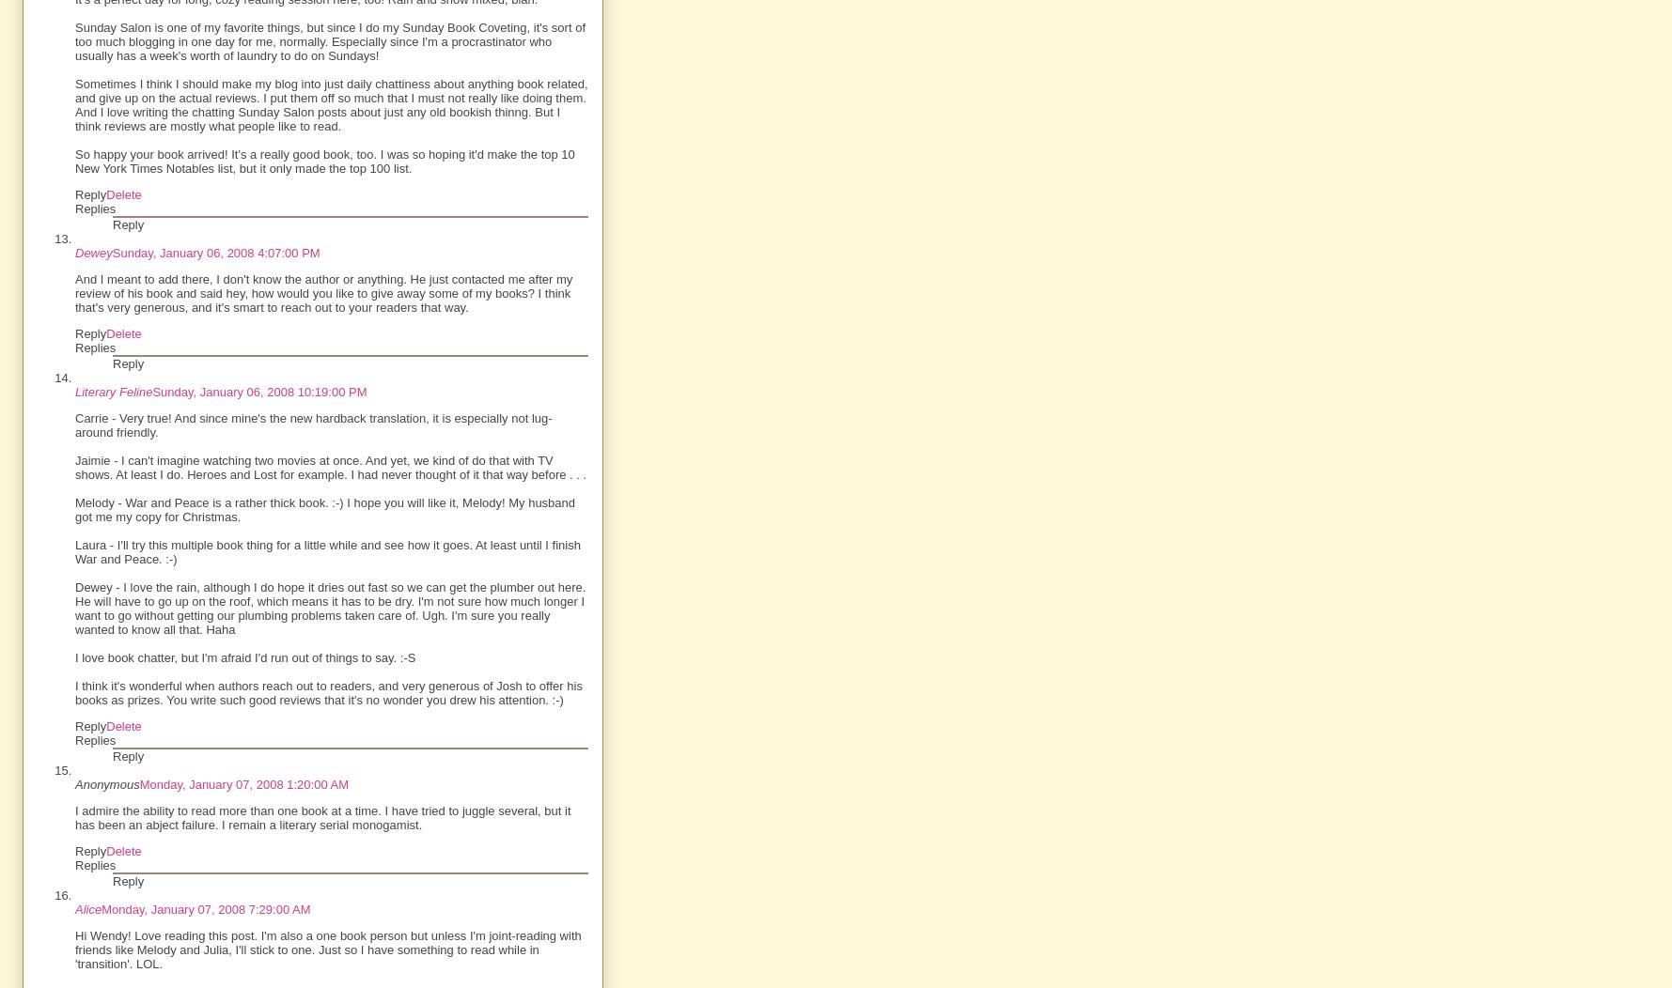 The image size is (1672, 988). Describe the element at coordinates (74, 550) in the screenshot. I see `'Laura - I'll try this multiple book thing for a little while and see how it goes.  At least until I finish War and Peace.  :-)'` at that location.